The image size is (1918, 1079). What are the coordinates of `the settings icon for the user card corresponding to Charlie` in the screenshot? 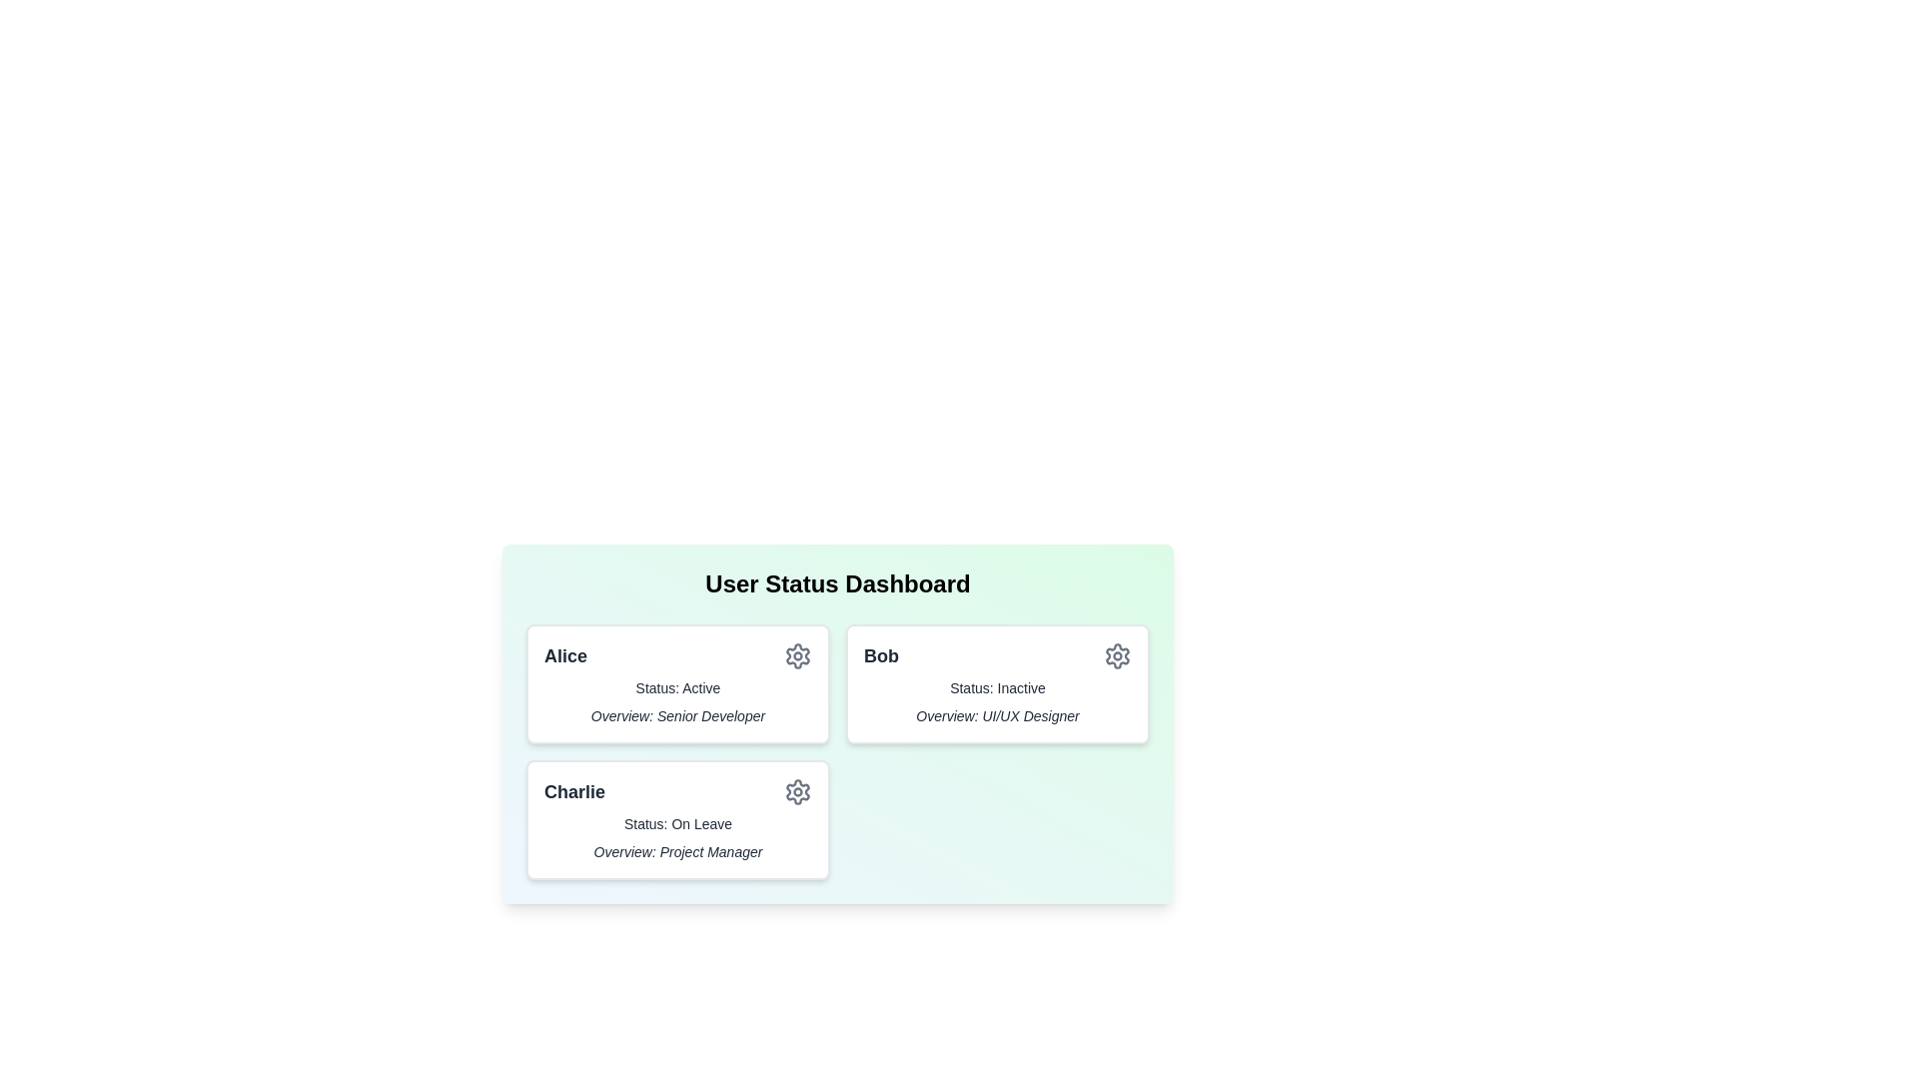 It's located at (796, 791).